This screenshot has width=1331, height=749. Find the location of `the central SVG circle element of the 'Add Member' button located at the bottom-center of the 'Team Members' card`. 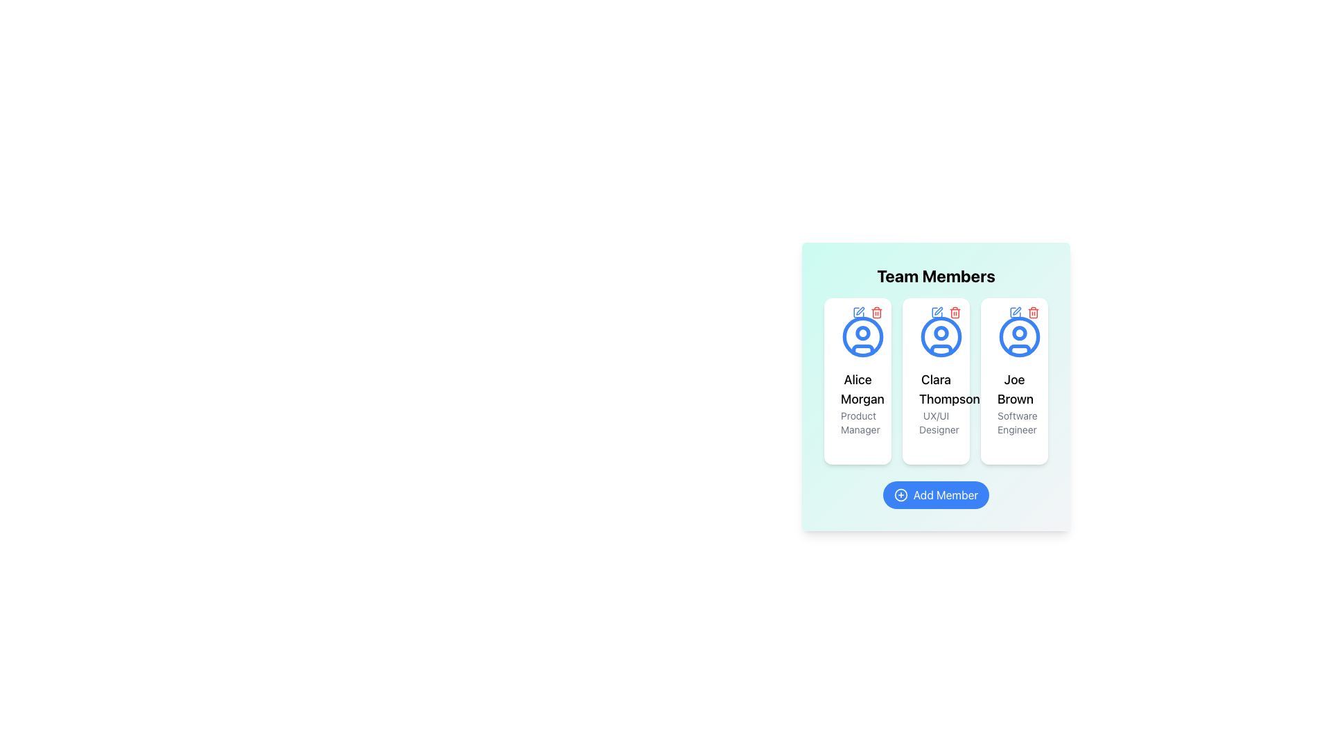

the central SVG circle element of the 'Add Member' button located at the bottom-center of the 'Team Members' card is located at coordinates (901, 494).